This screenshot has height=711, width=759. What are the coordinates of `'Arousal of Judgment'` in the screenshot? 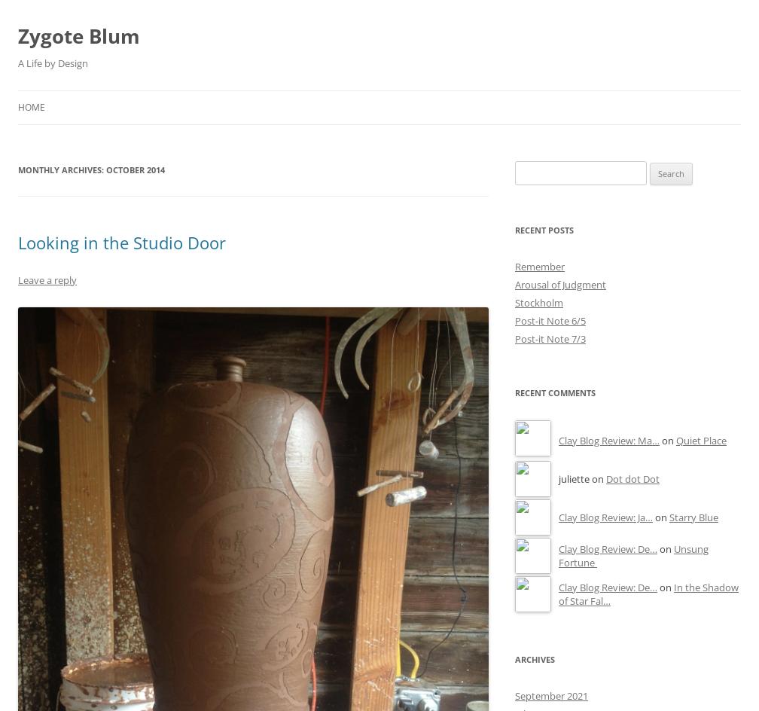 It's located at (560, 284).